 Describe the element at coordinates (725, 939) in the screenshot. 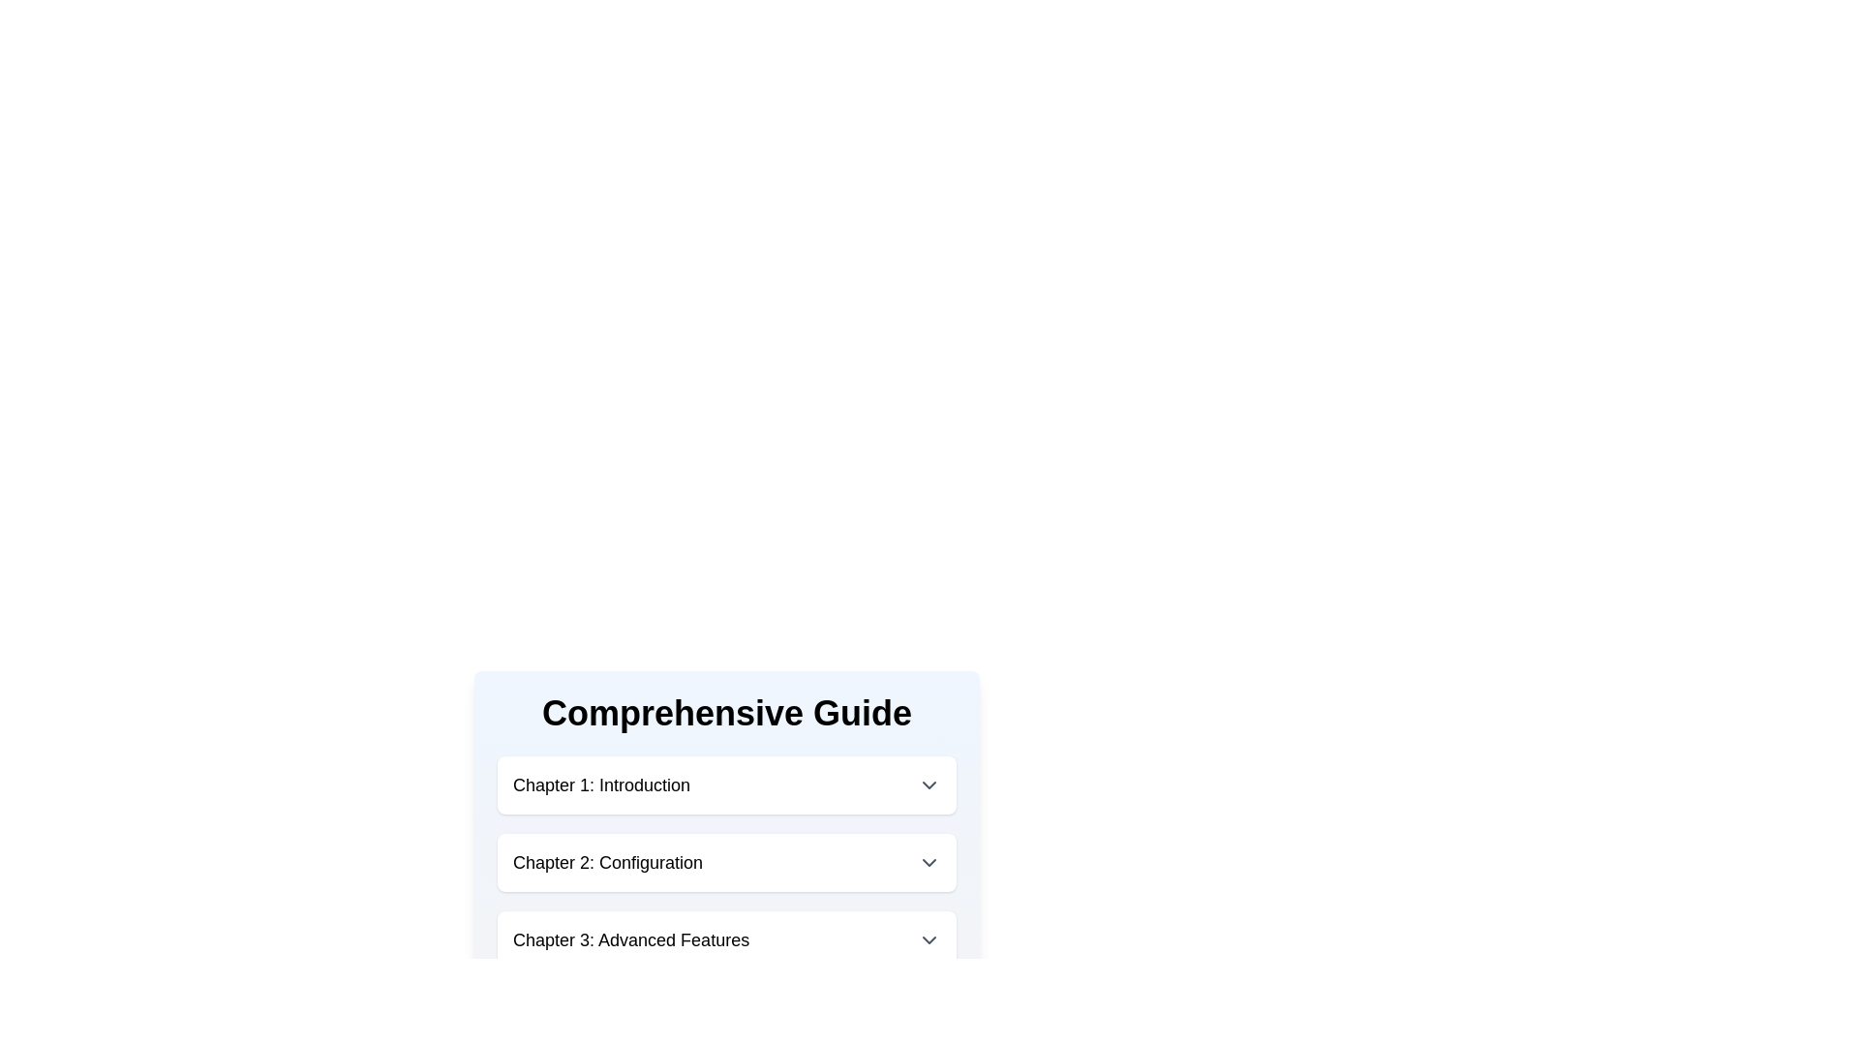

I see `the Collapsible List Item Header for 'Chapter 3: Advanced Features' to prepare for navigation actions` at that location.